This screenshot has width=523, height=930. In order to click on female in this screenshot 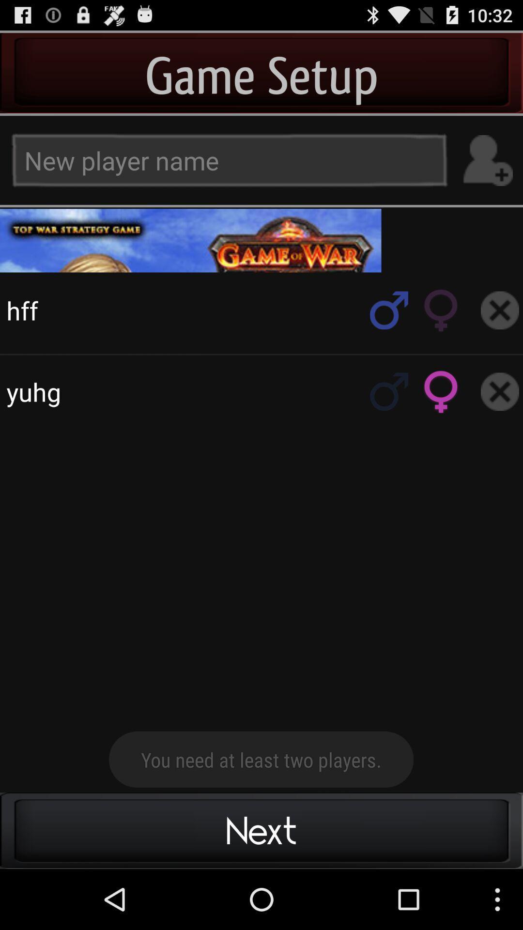, I will do `click(441, 391)`.